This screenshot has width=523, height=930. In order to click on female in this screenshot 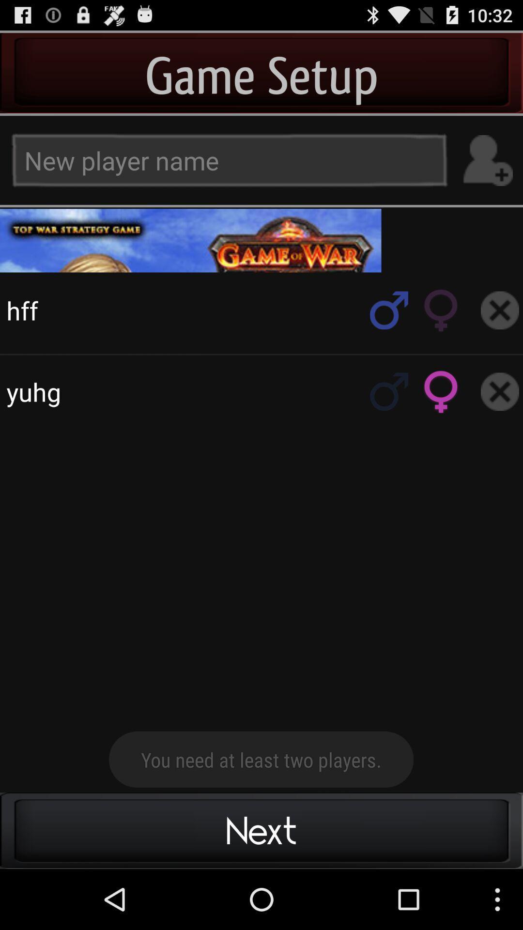, I will do `click(441, 391)`.